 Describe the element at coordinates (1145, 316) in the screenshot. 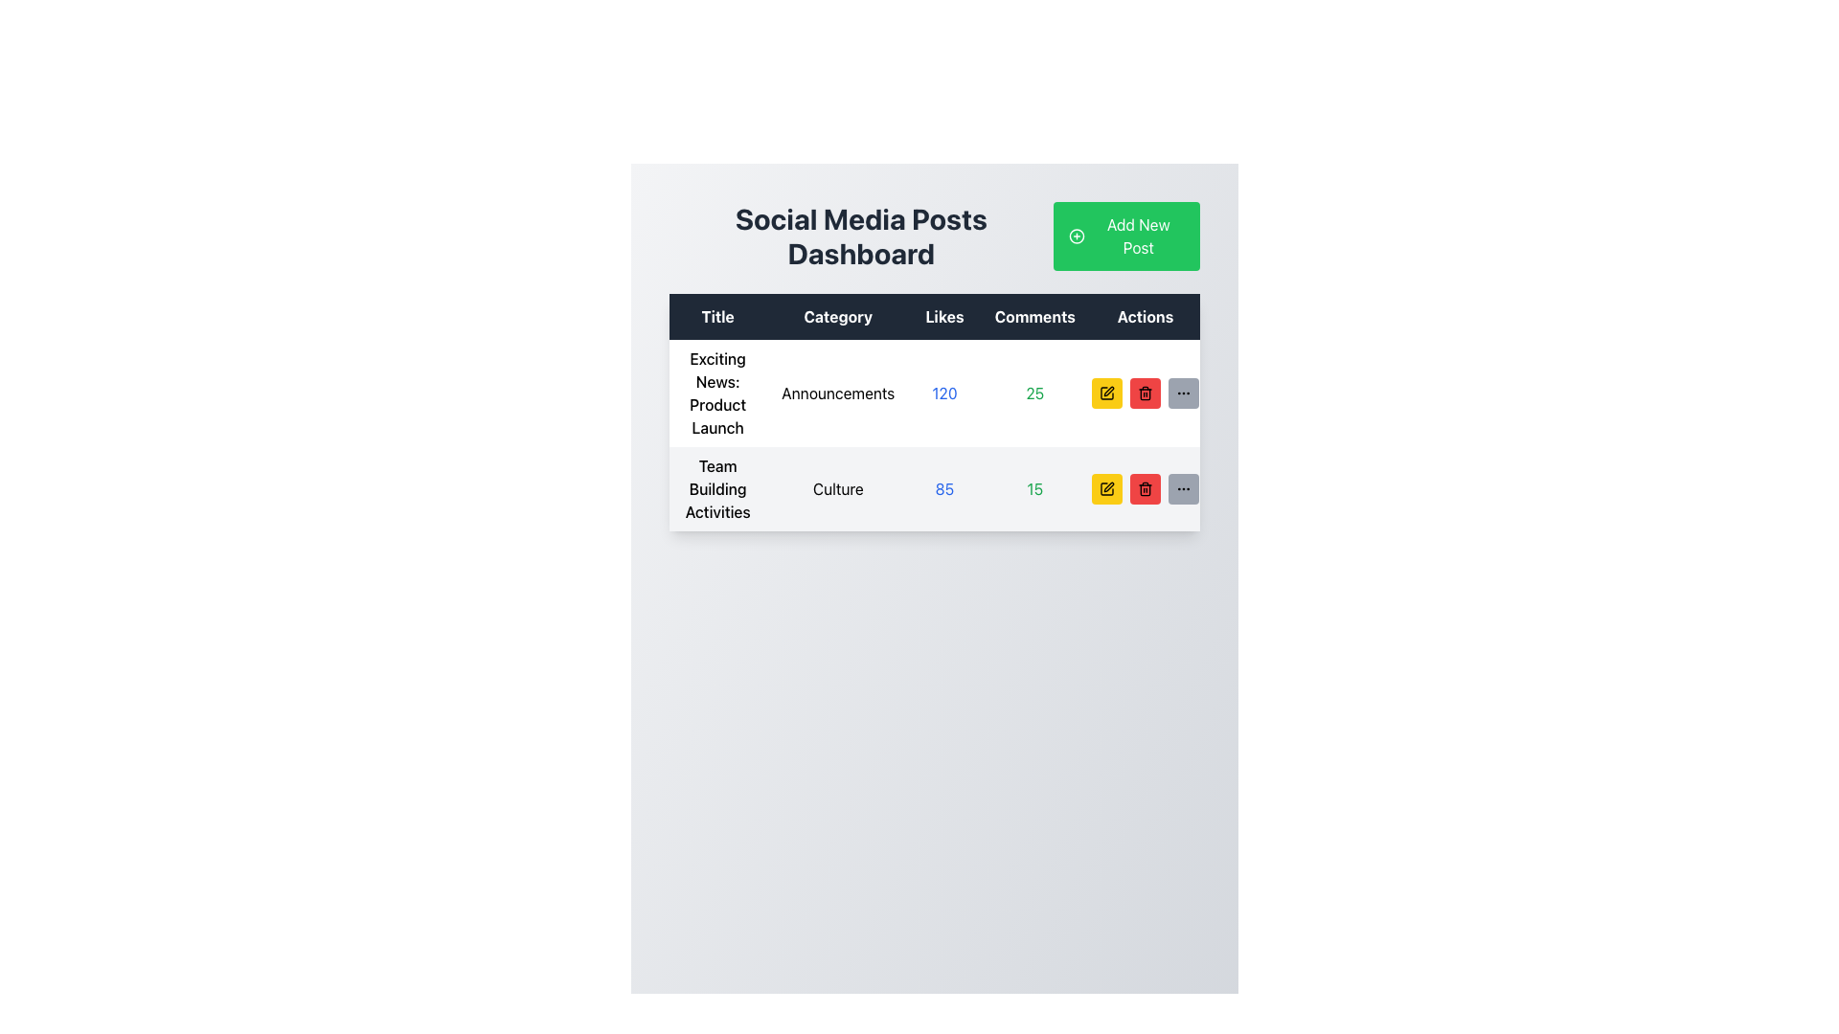

I see `the 'Actions' column header, which is the last column header in the tabular interface` at that location.